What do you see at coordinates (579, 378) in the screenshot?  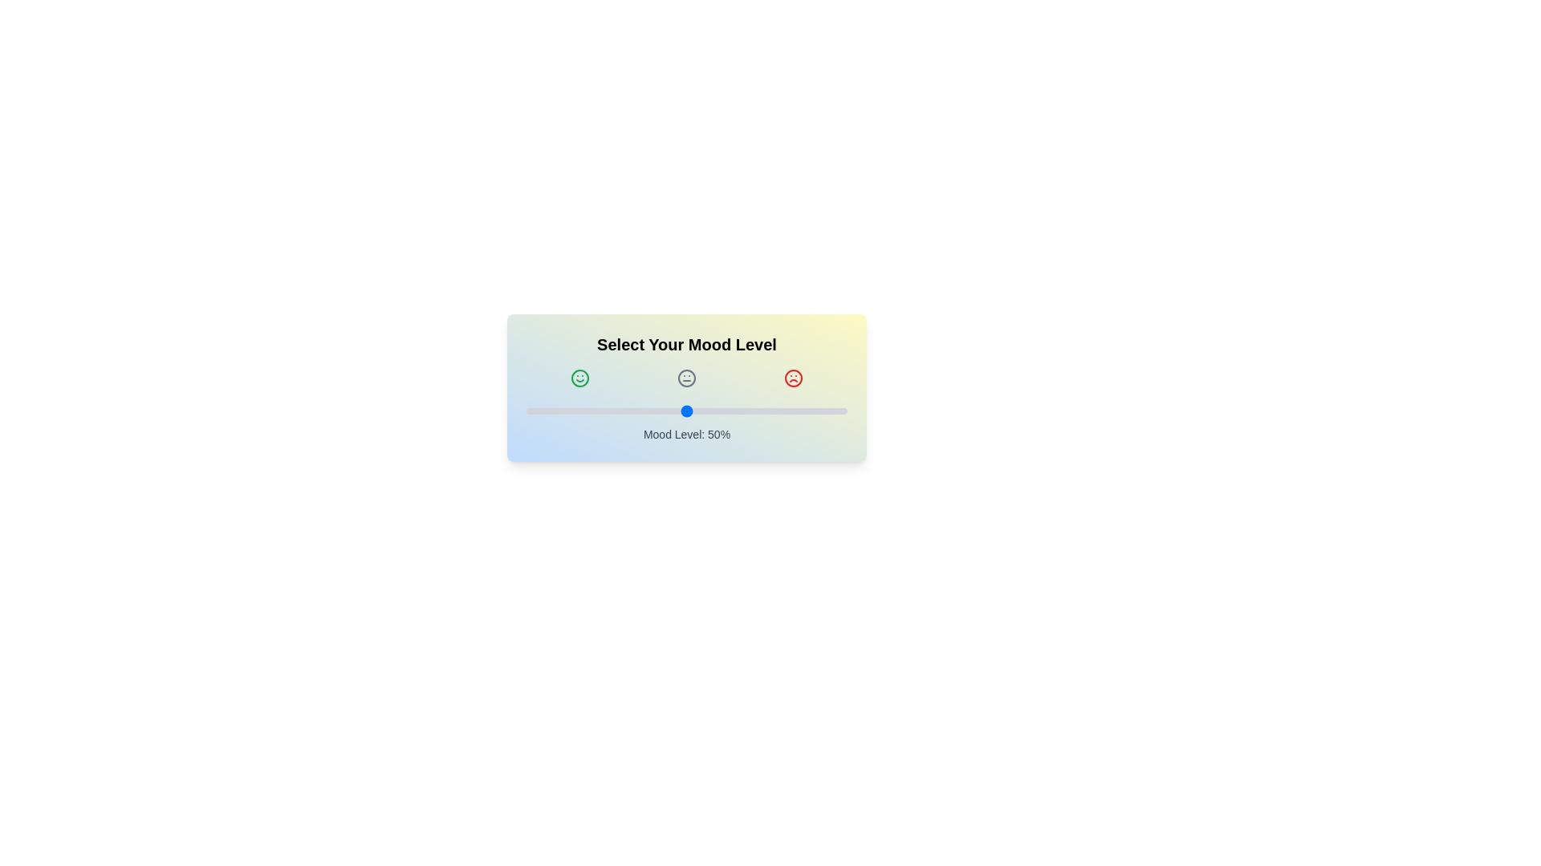 I see `the first smiley face icon` at bounding box center [579, 378].